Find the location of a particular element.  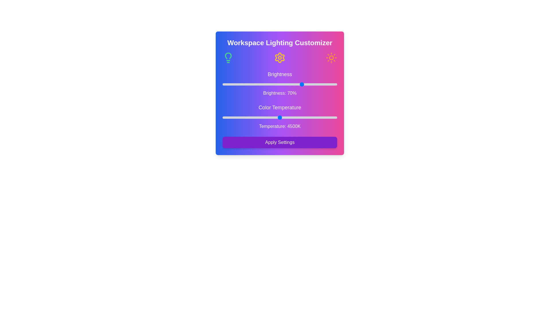

the color temperature slider to 2723 K is located at coordinates (229, 117).